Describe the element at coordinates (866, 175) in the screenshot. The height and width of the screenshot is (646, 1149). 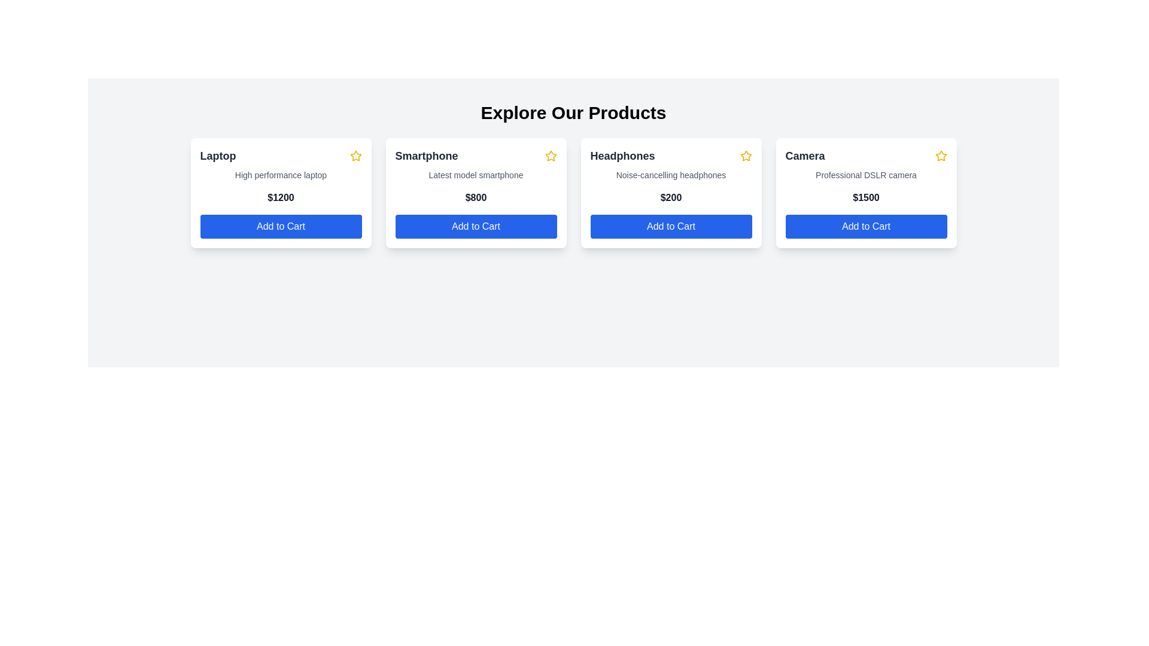
I see `the text label displaying 'Professional DSLR camera', which is located within the 'Camera' product card and is styled with a small gray font, positioned below the product name heading` at that location.